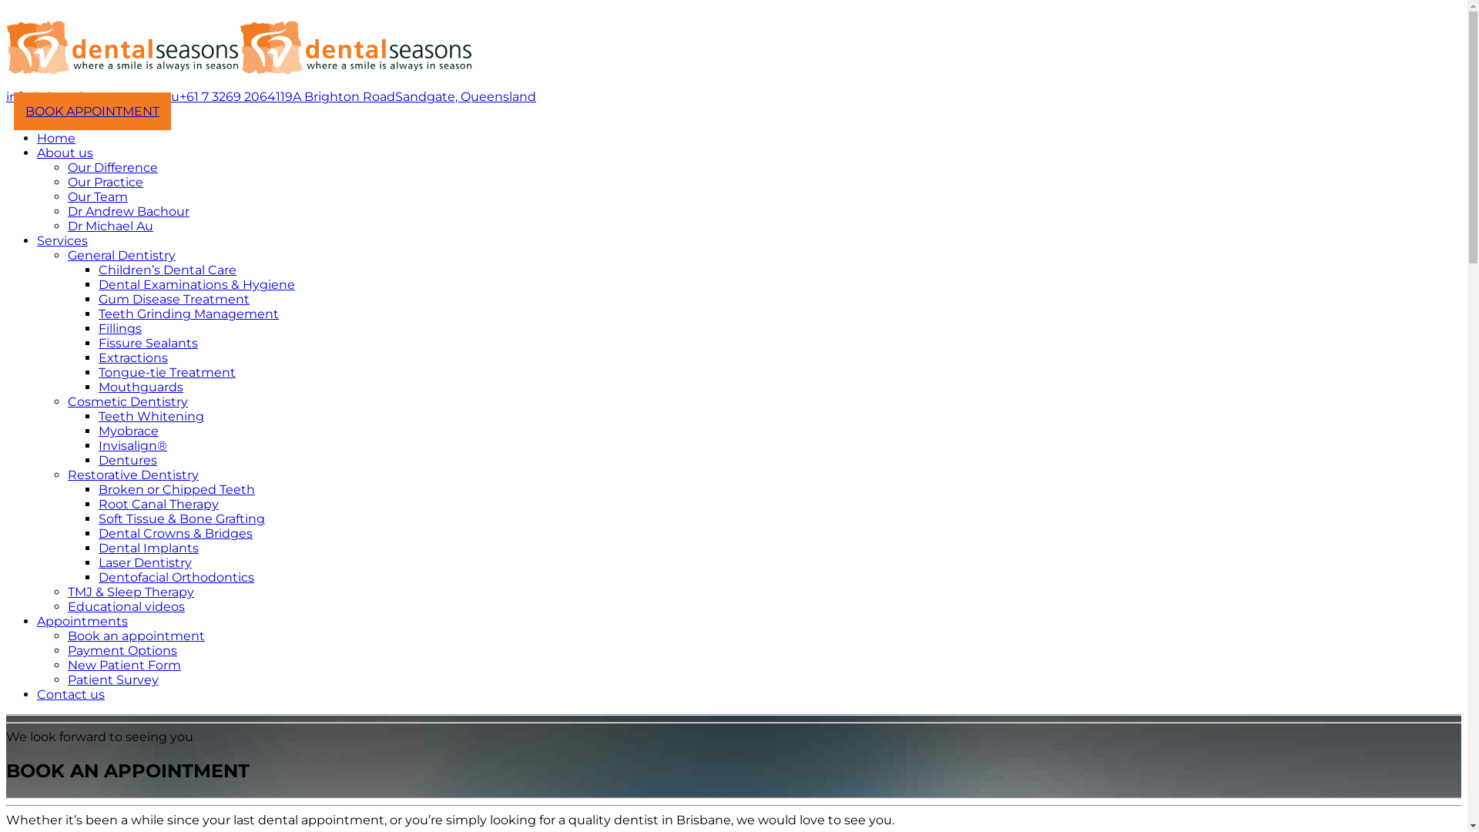 This screenshot has width=1479, height=832. I want to click on 'Our Difference', so click(112, 167).